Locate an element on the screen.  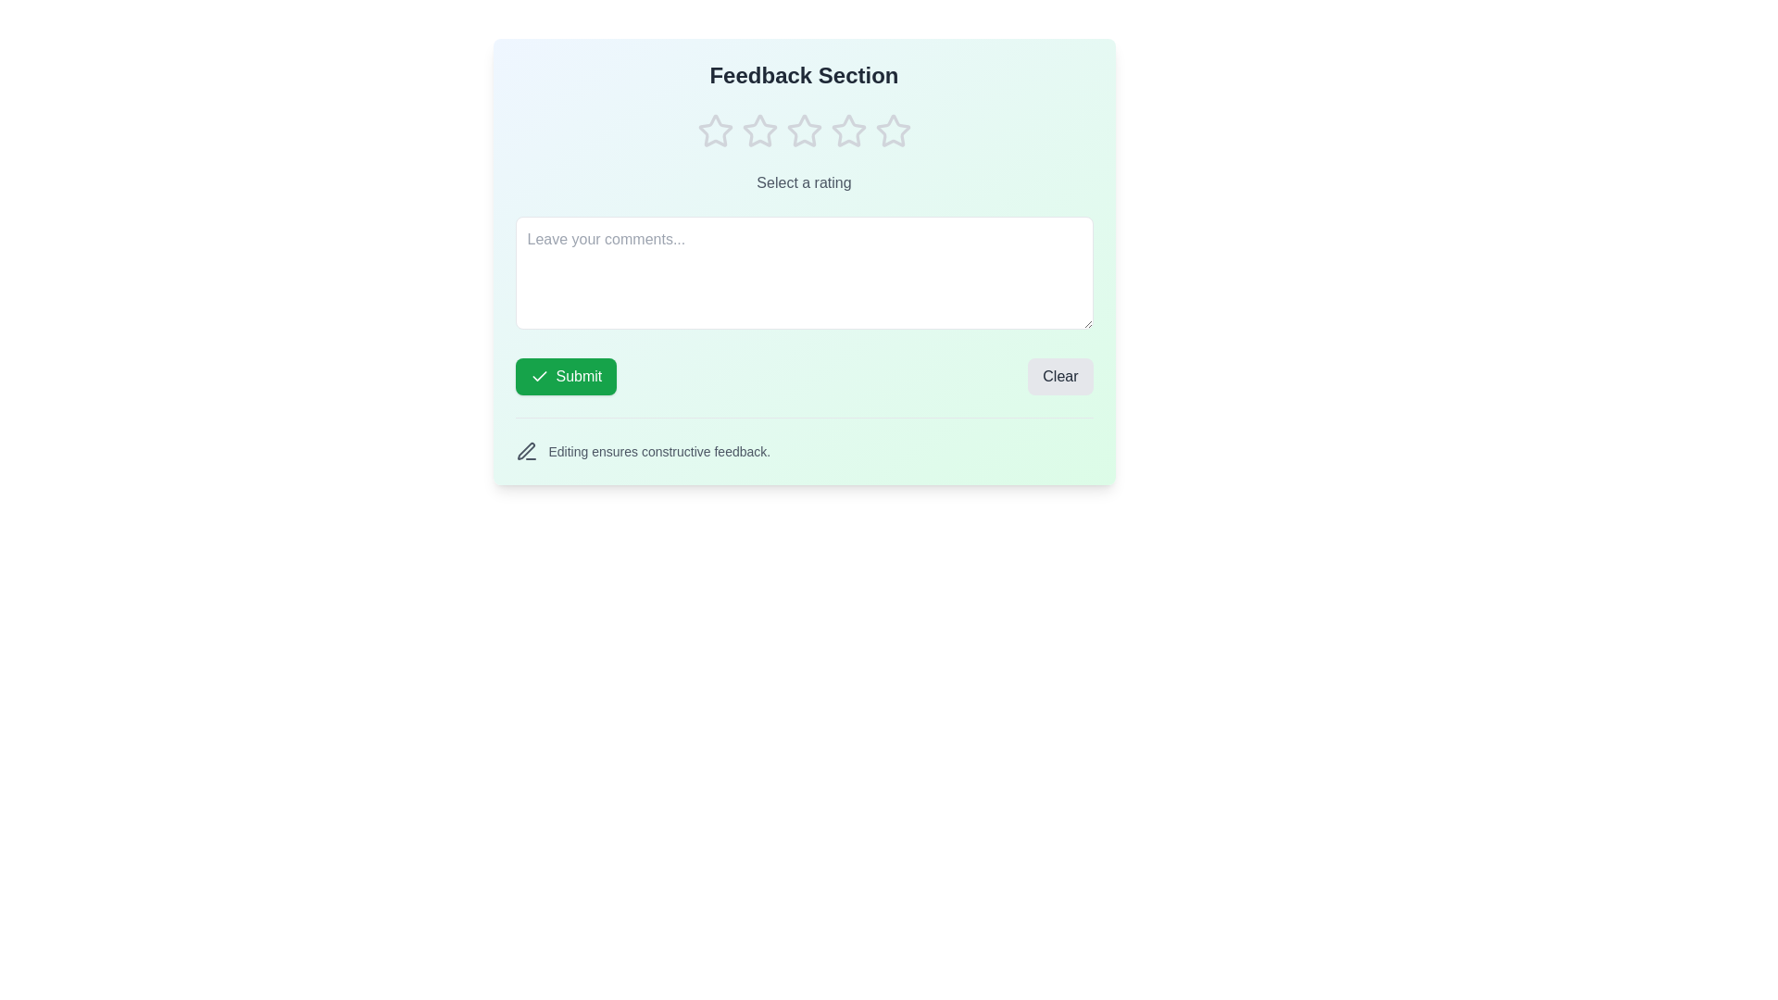
the button that clears or resets associated input fields, located to the right of the green 'Submit' button is located at coordinates (1060, 376).